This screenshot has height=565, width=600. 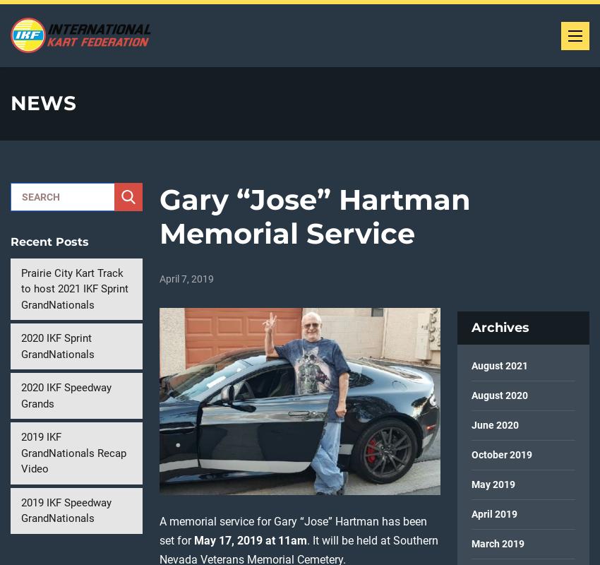 I want to click on 'Recent Posts', so click(x=49, y=241).